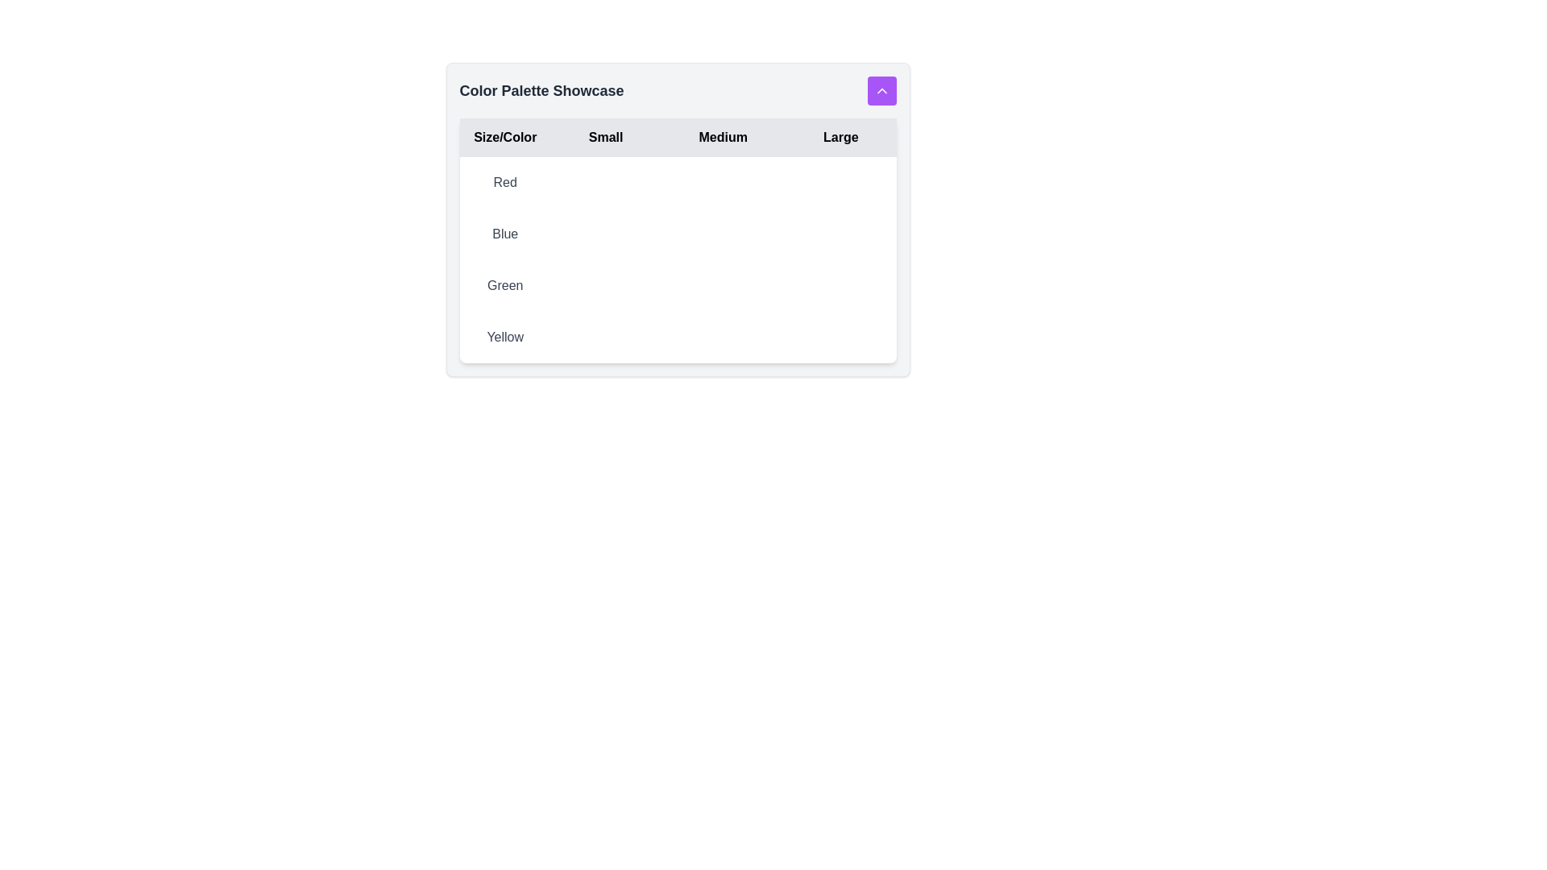  What do you see at coordinates (840, 234) in the screenshot?
I see `the inactive blue button labeled 'Code Large' that is the third button in the 'Blue' row` at bounding box center [840, 234].